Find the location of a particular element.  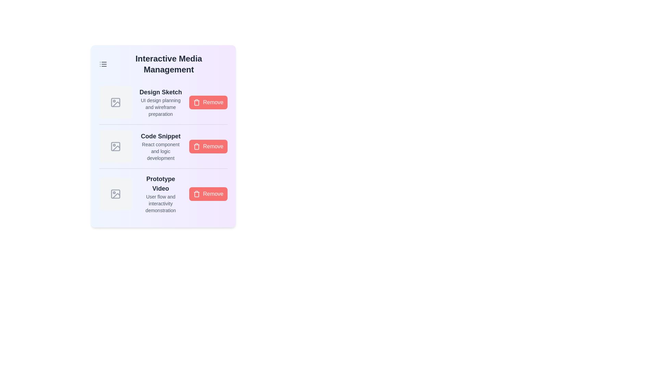

the media name Design Sketch to highlight it for copying is located at coordinates (160, 92).